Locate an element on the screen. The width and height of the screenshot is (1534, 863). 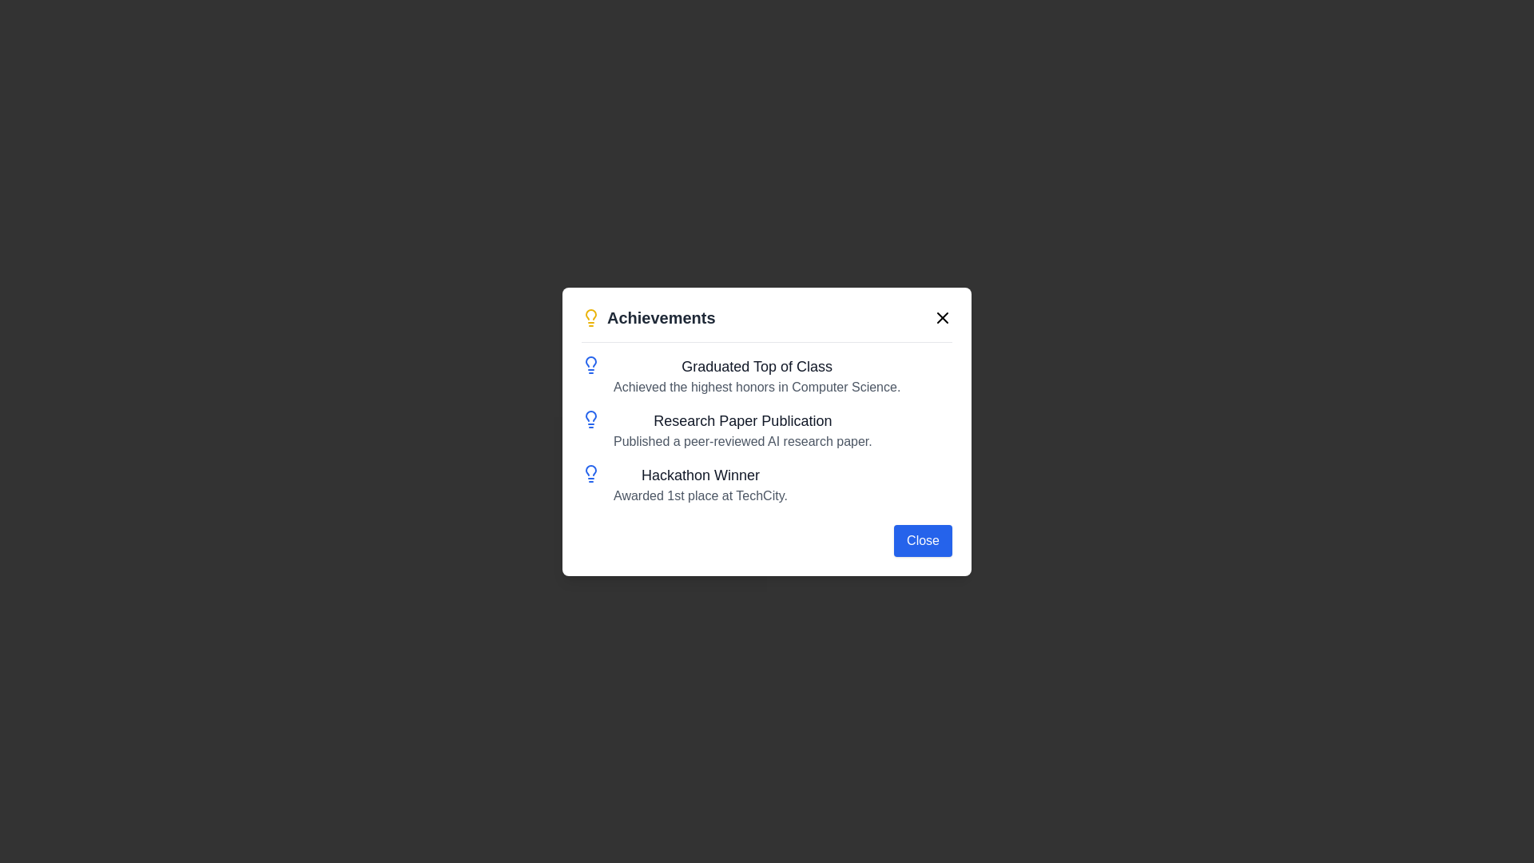
the static text that provides additional descriptive information about the achievement 'Graduated Top of Class', positioned below the header in a modal popup is located at coordinates (756, 387).